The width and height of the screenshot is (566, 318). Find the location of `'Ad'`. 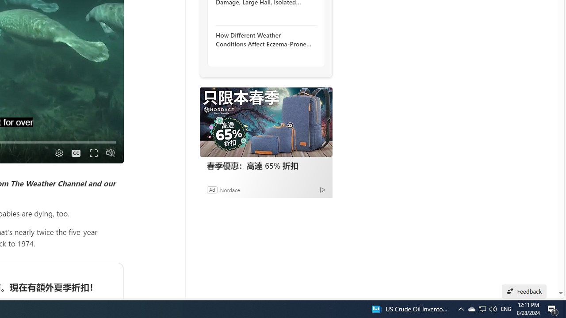

'Ad' is located at coordinates (211, 189).